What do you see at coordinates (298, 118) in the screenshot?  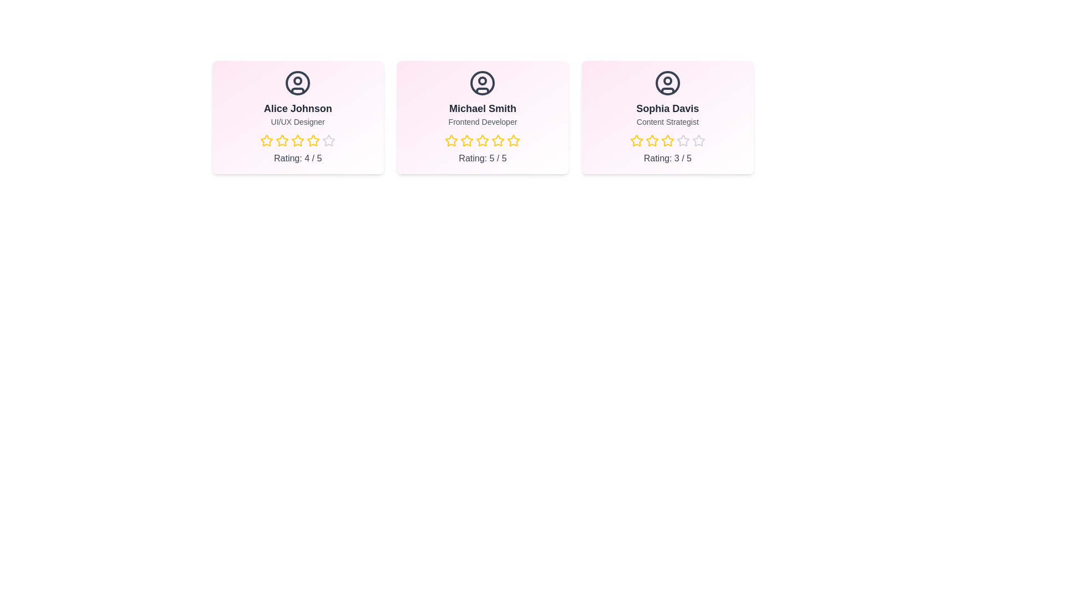 I see `the card of Alice Johnson to observe the hover effect` at bounding box center [298, 118].